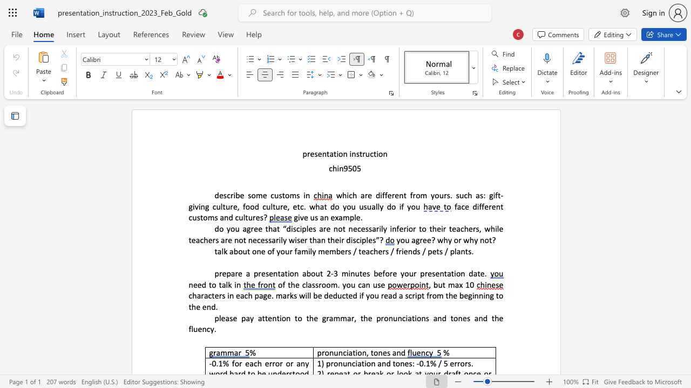 The image size is (691, 388). What do you see at coordinates (311, 154) in the screenshot?
I see `the 1th character "e" in the text` at bounding box center [311, 154].